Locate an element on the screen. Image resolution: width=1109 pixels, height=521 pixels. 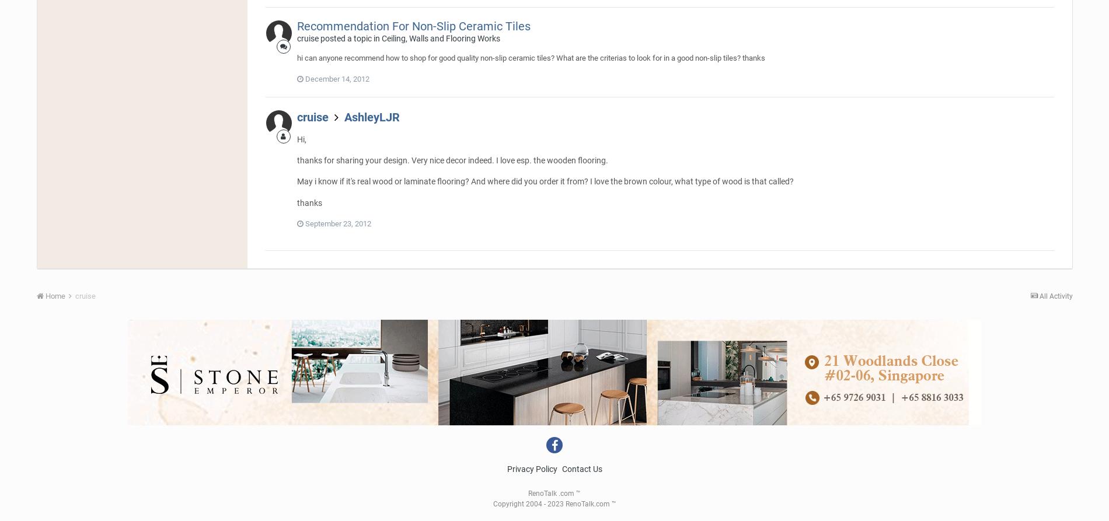
'RenoTalk .com ™' is located at coordinates (554, 493).